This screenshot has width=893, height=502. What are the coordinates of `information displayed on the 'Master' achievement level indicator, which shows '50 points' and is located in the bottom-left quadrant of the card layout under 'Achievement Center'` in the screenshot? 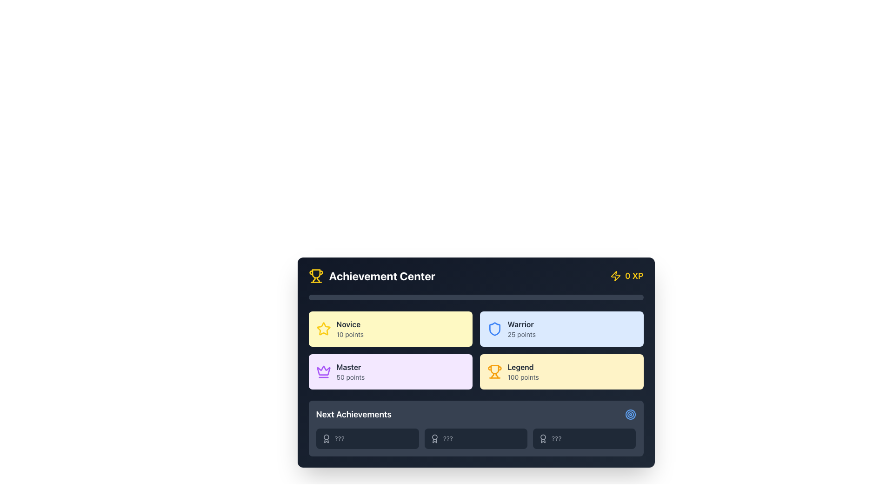 It's located at (390, 371).